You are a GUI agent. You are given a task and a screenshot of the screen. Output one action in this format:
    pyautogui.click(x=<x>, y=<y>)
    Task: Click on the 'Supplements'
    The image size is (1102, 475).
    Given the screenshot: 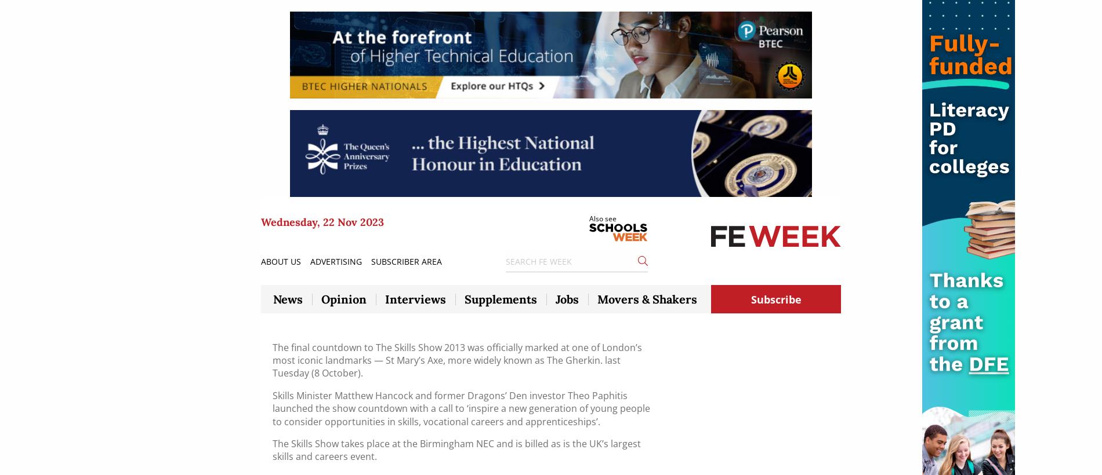 What is the action you would take?
    pyautogui.click(x=464, y=298)
    